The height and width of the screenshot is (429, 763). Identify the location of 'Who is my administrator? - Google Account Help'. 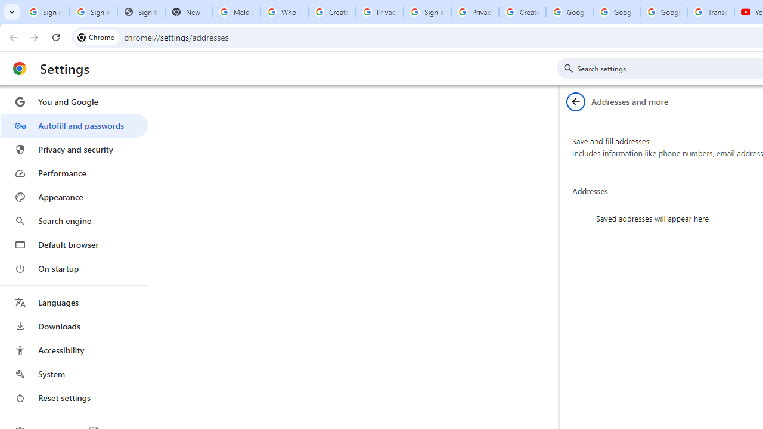
(283, 12).